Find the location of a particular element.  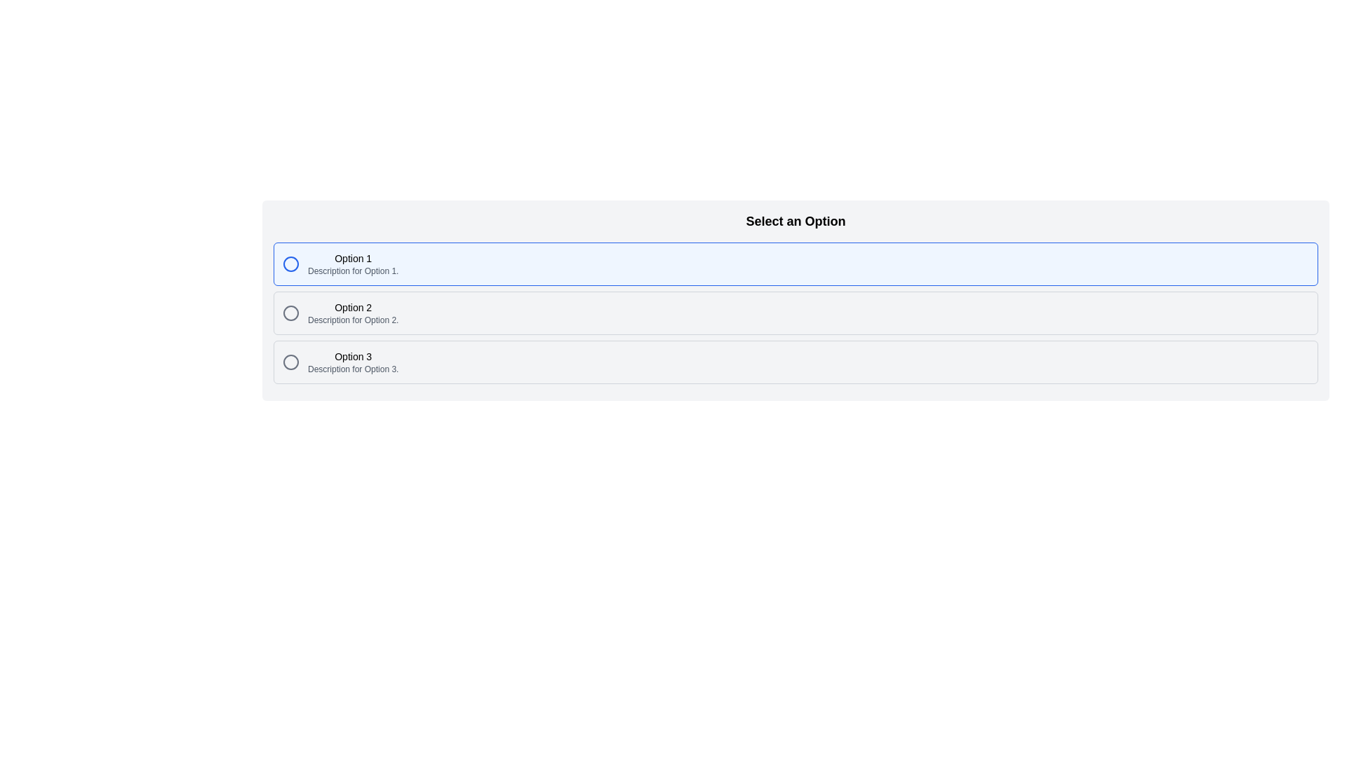

the unselected radio button indicator for 'Option 3 Description for Option 3' is located at coordinates (290, 361).